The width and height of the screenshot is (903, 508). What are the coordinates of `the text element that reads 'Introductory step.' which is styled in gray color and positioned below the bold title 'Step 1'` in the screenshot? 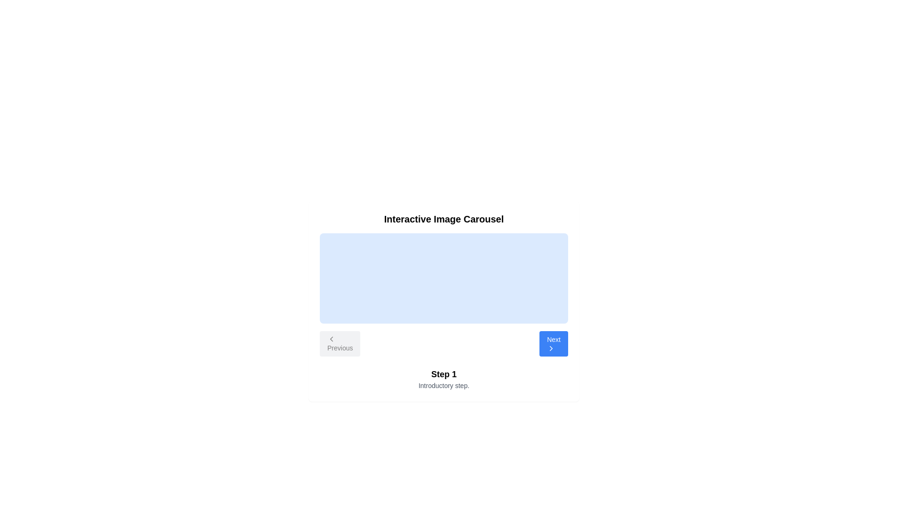 It's located at (444, 386).